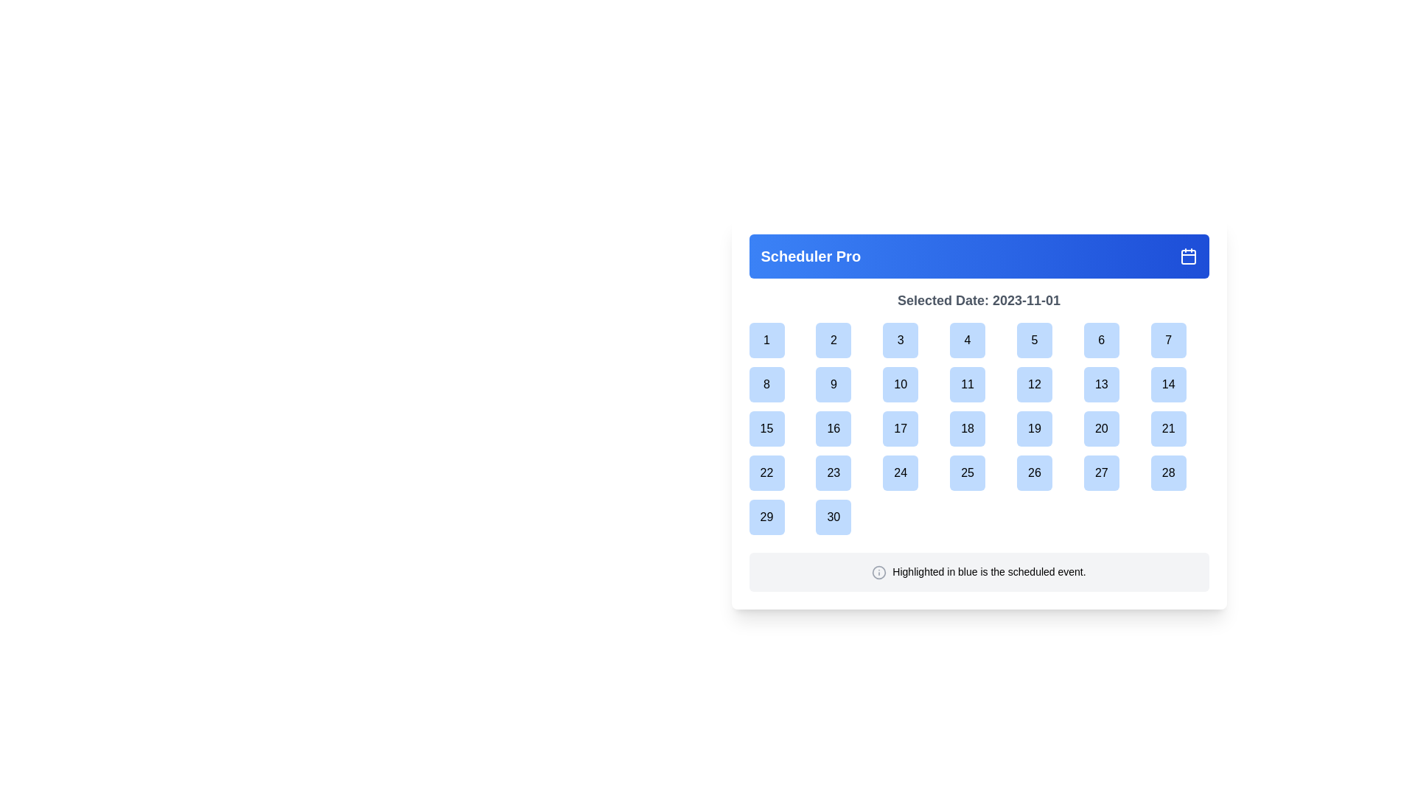 This screenshot has height=796, width=1415. Describe the element at coordinates (834, 517) in the screenshot. I see `the square button with rounded corners displaying '30' in bold black font, located in the bottom row of the calendar grid` at that location.